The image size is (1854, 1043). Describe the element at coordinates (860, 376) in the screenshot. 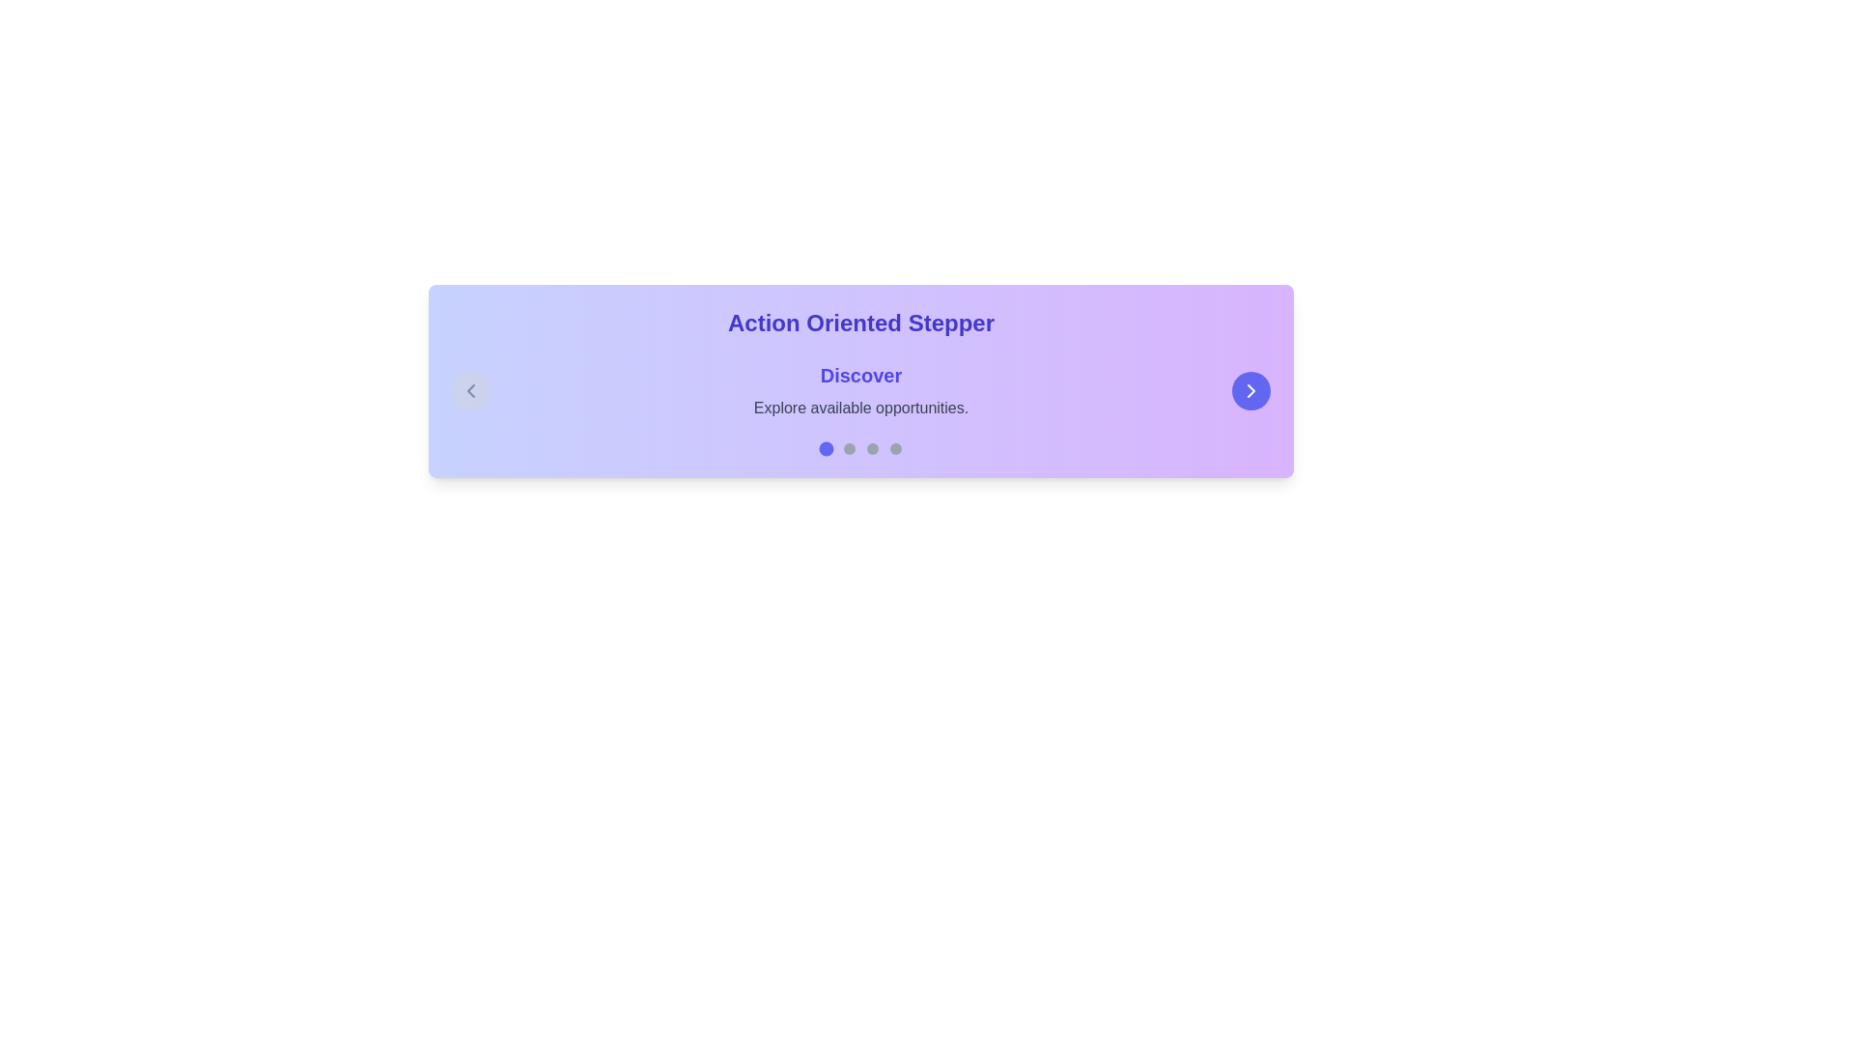

I see `the Text Element that serves as a headline or title, centrally placed above the 'Explore available opportunities.' text` at that location.